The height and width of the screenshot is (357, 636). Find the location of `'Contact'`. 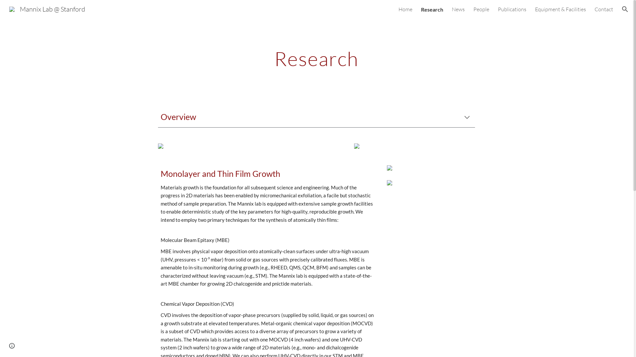

'Contact' is located at coordinates (604, 9).